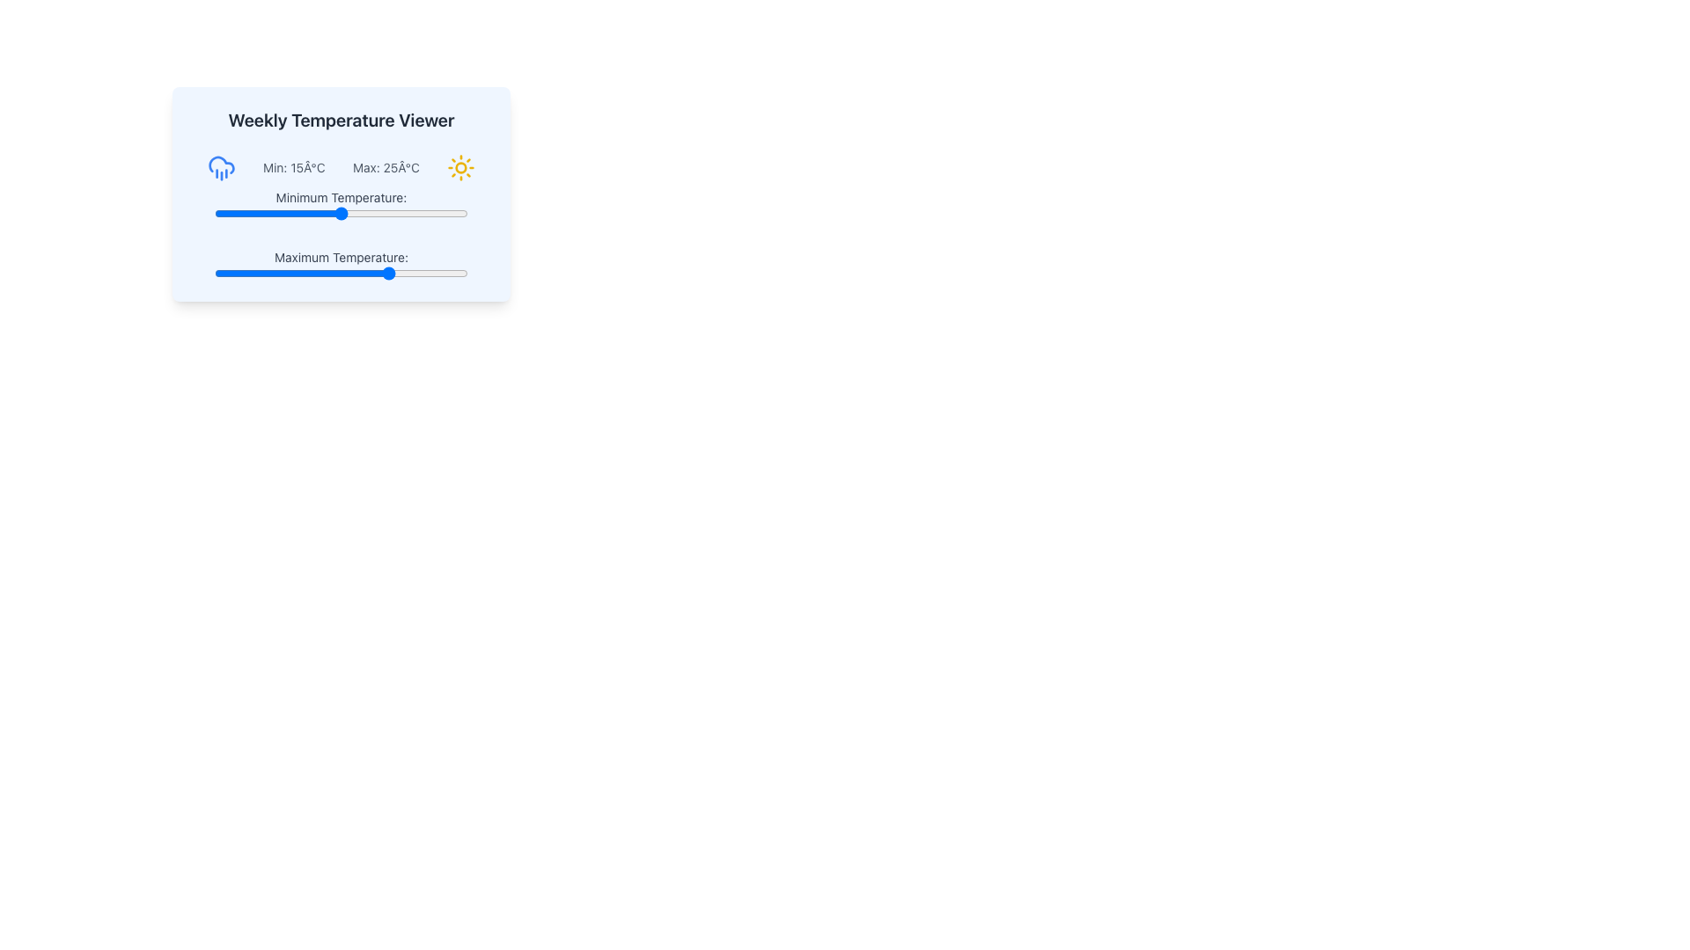  What do you see at coordinates (461, 168) in the screenshot?
I see `the yellow fill SVG Circle located inside the sun icon at the top-right of the 'Weekly Temperature Viewer' panel` at bounding box center [461, 168].